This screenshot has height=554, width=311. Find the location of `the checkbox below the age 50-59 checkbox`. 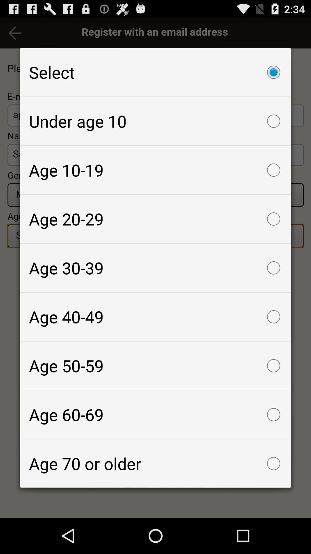

the checkbox below the age 50-59 checkbox is located at coordinates (155, 414).